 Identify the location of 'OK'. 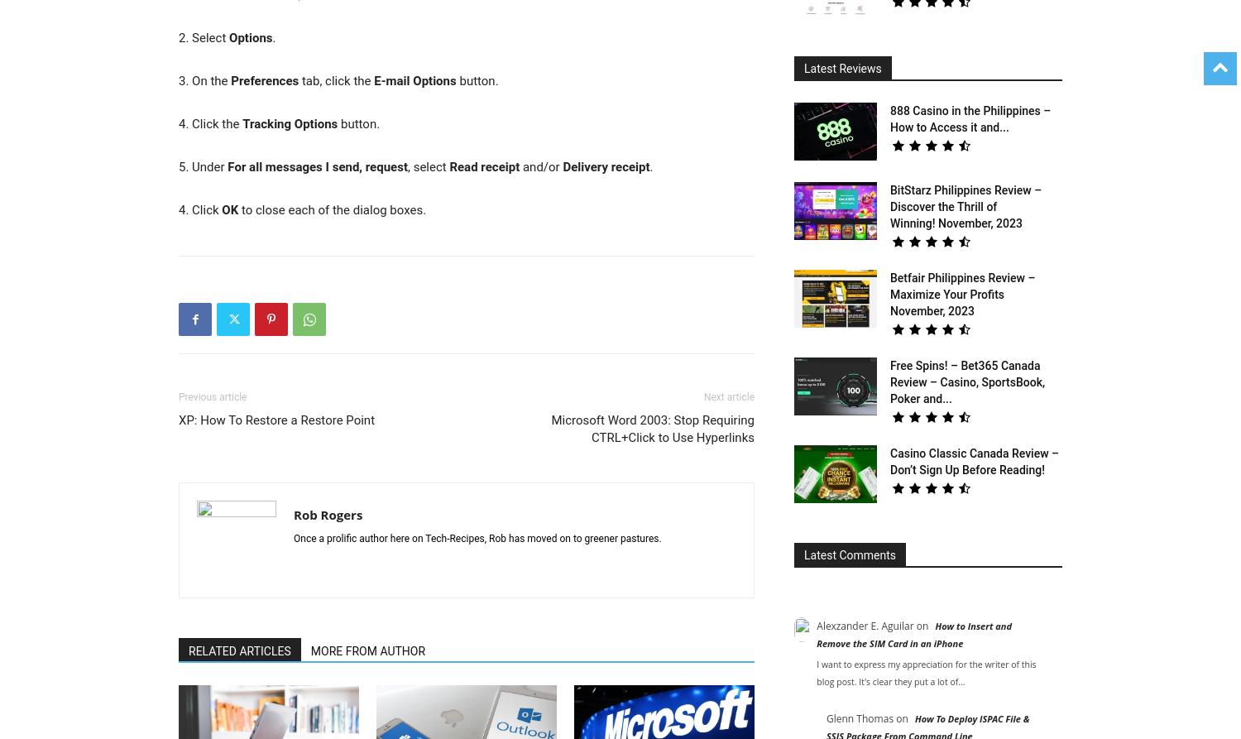
(229, 209).